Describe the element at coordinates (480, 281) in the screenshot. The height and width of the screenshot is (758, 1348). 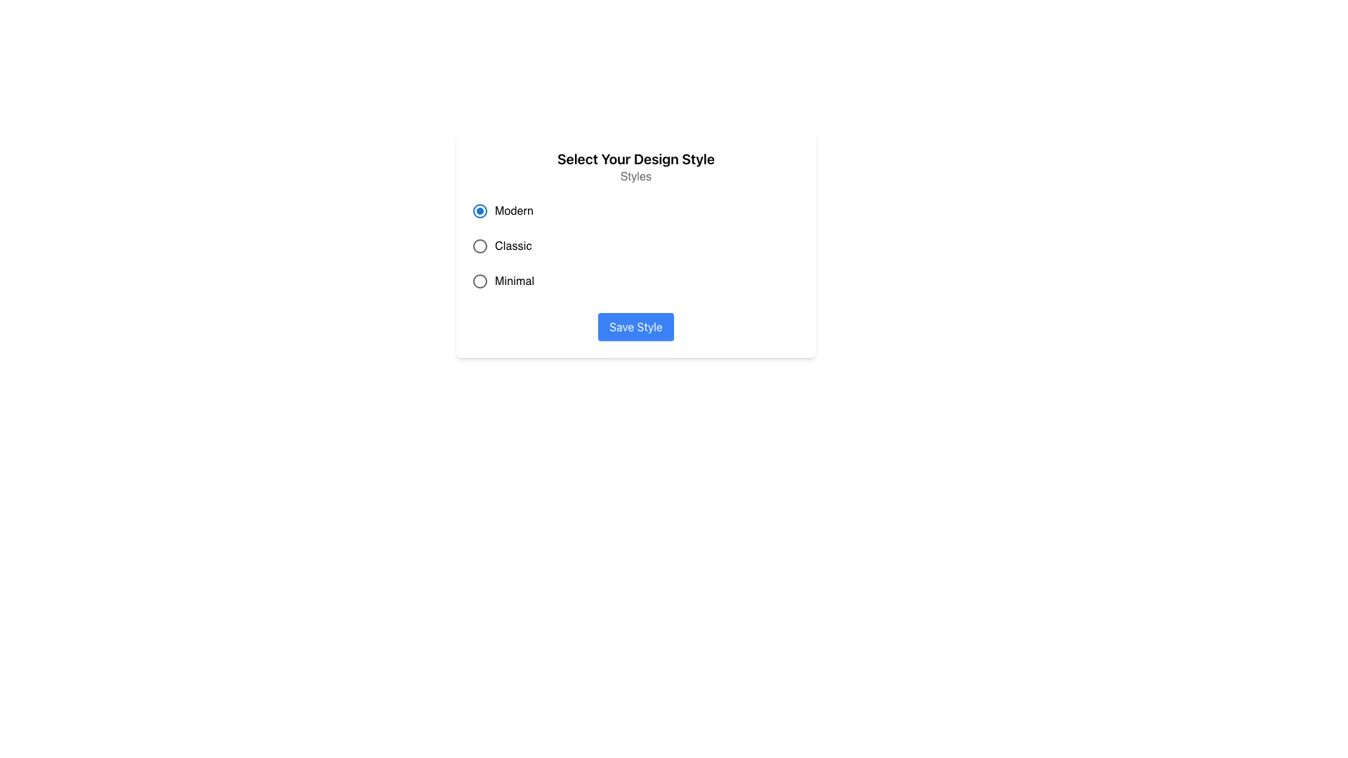
I see `the circular radio button indicator located next to the 'Minimal' label` at that location.